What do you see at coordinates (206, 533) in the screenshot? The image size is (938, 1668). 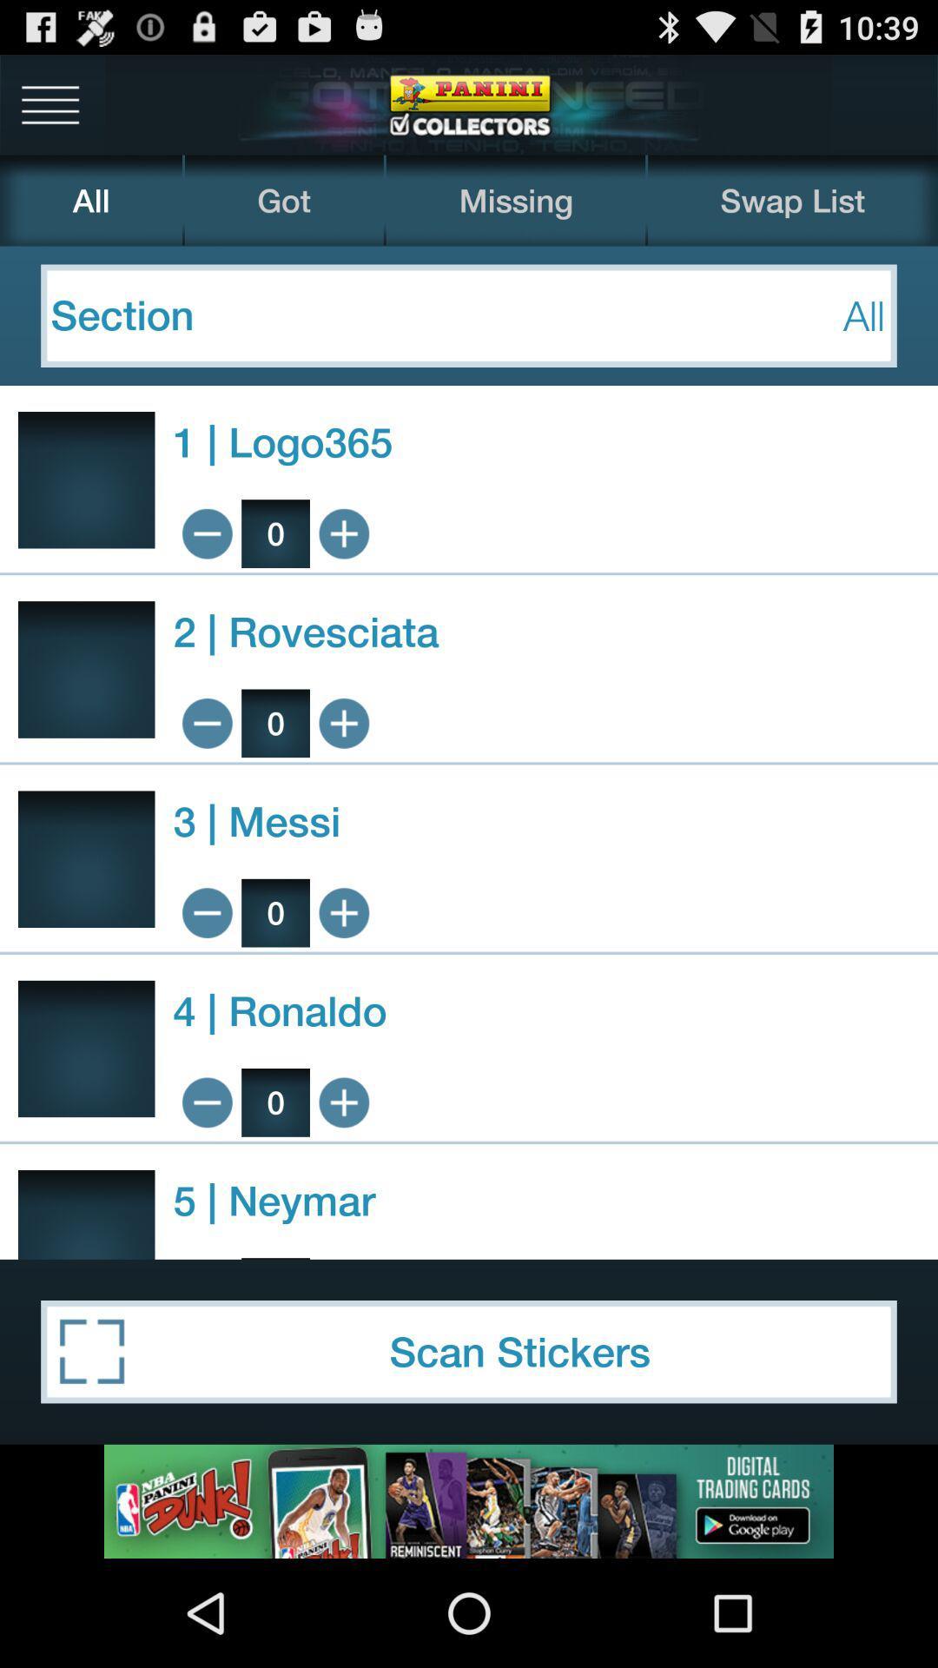 I see `reduce the number of logo365` at bounding box center [206, 533].